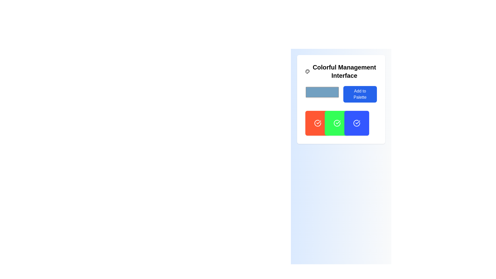 This screenshot has width=496, height=279. Describe the element at coordinates (317, 123) in the screenshot. I see `the first button in a row of three square buttons, which has a checkmark symbol indicating confirmation or completion` at that location.